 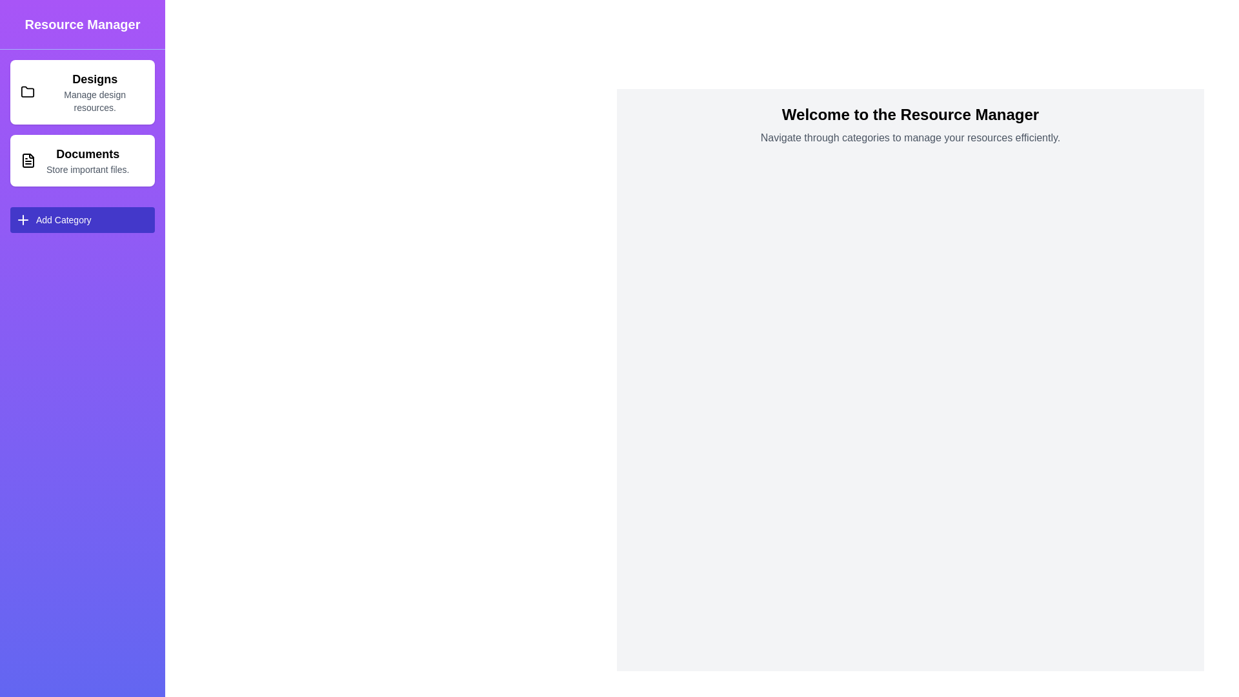 What do you see at coordinates (25, 25) in the screenshot?
I see `button at the top-left corner to toggle the drawer` at bounding box center [25, 25].